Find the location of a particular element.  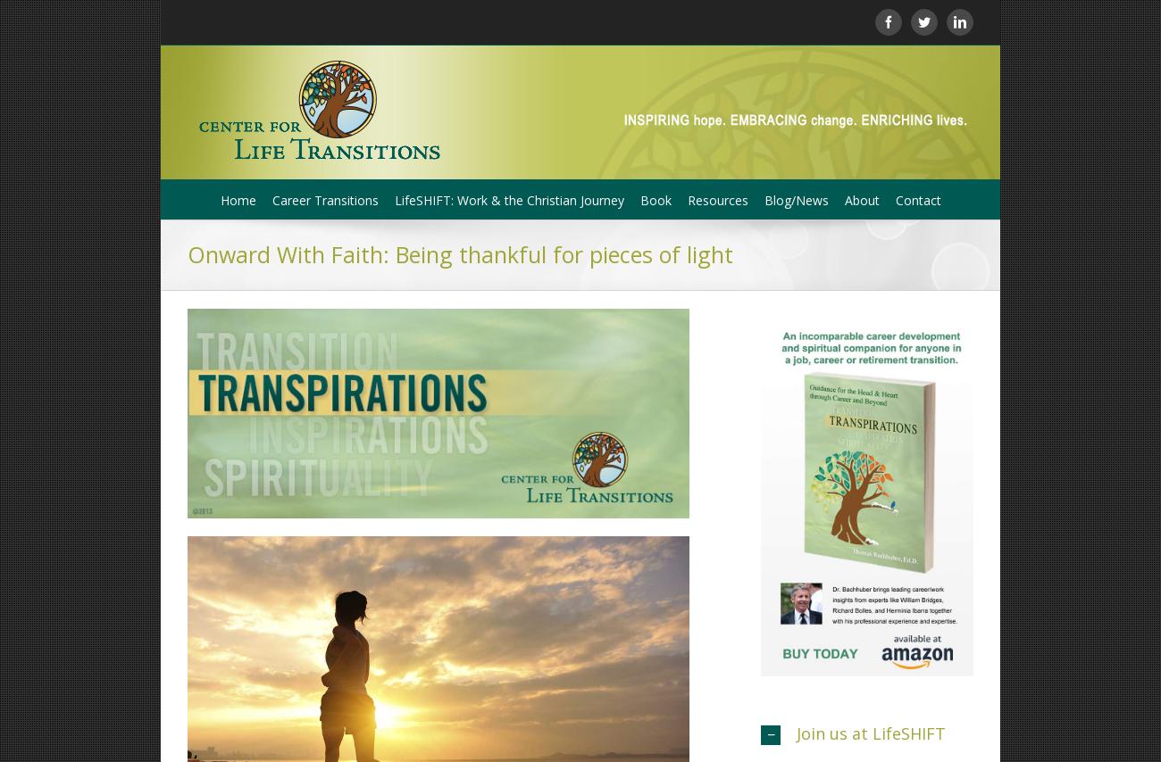

'Online Resources' is located at coordinates (753, 314).